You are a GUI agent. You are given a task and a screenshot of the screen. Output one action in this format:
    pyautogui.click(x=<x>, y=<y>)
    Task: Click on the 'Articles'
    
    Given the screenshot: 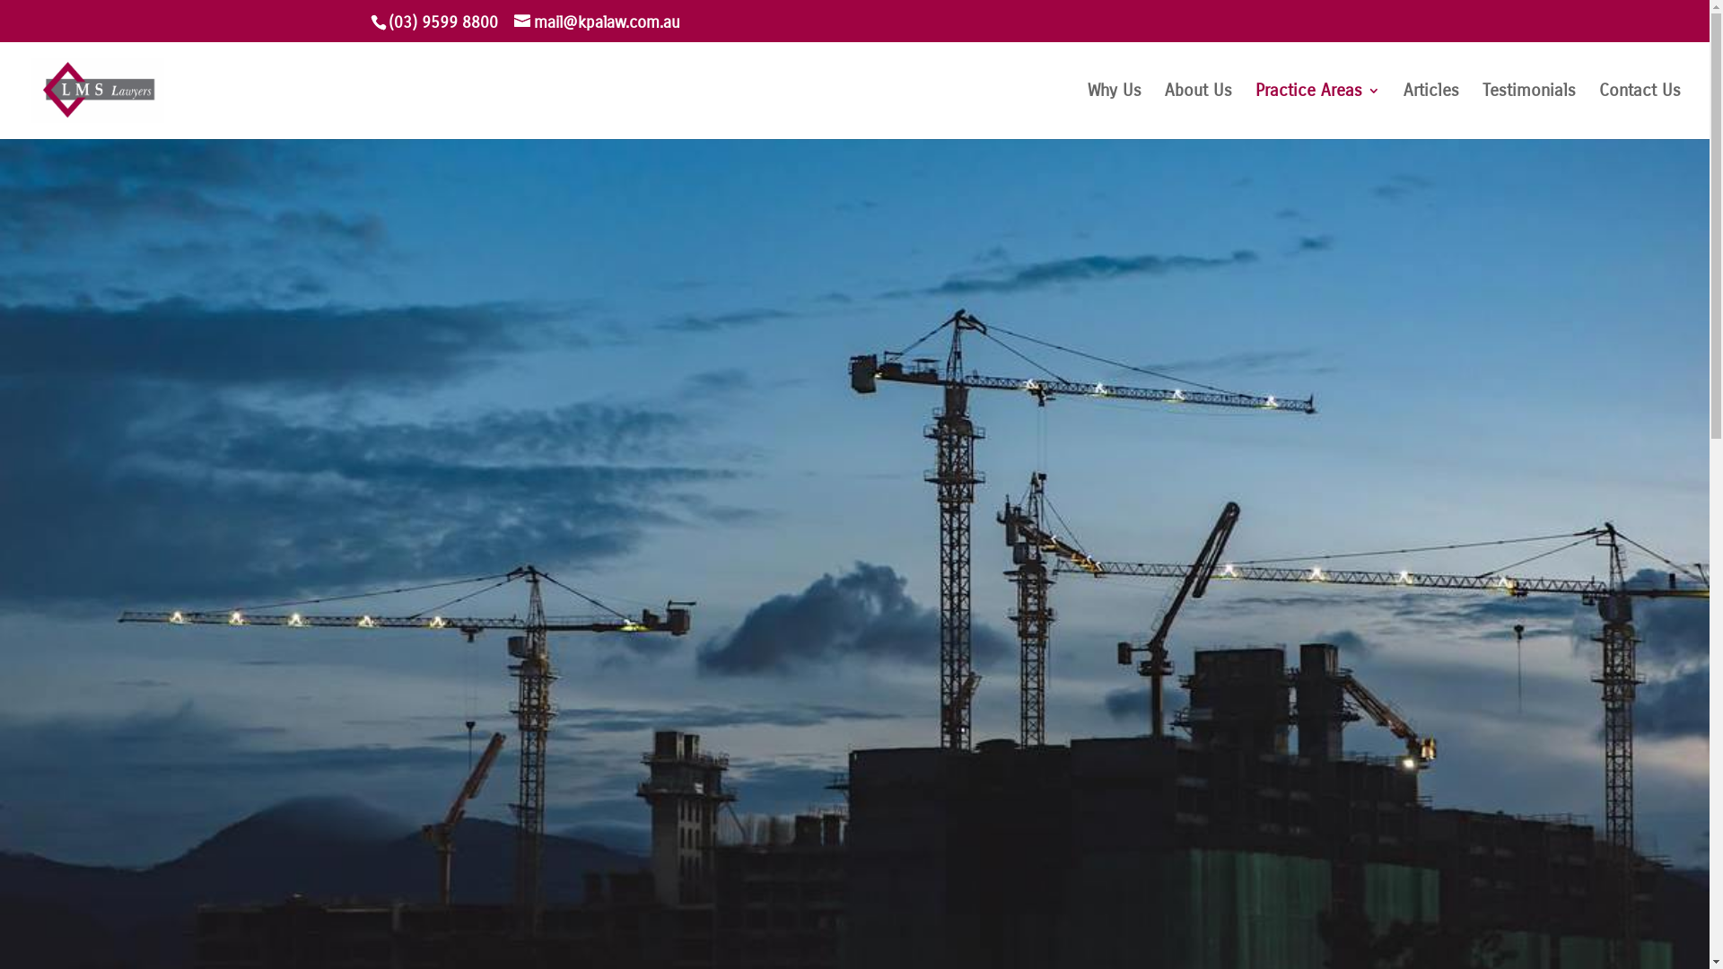 What is the action you would take?
    pyautogui.click(x=1430, y=111)
    